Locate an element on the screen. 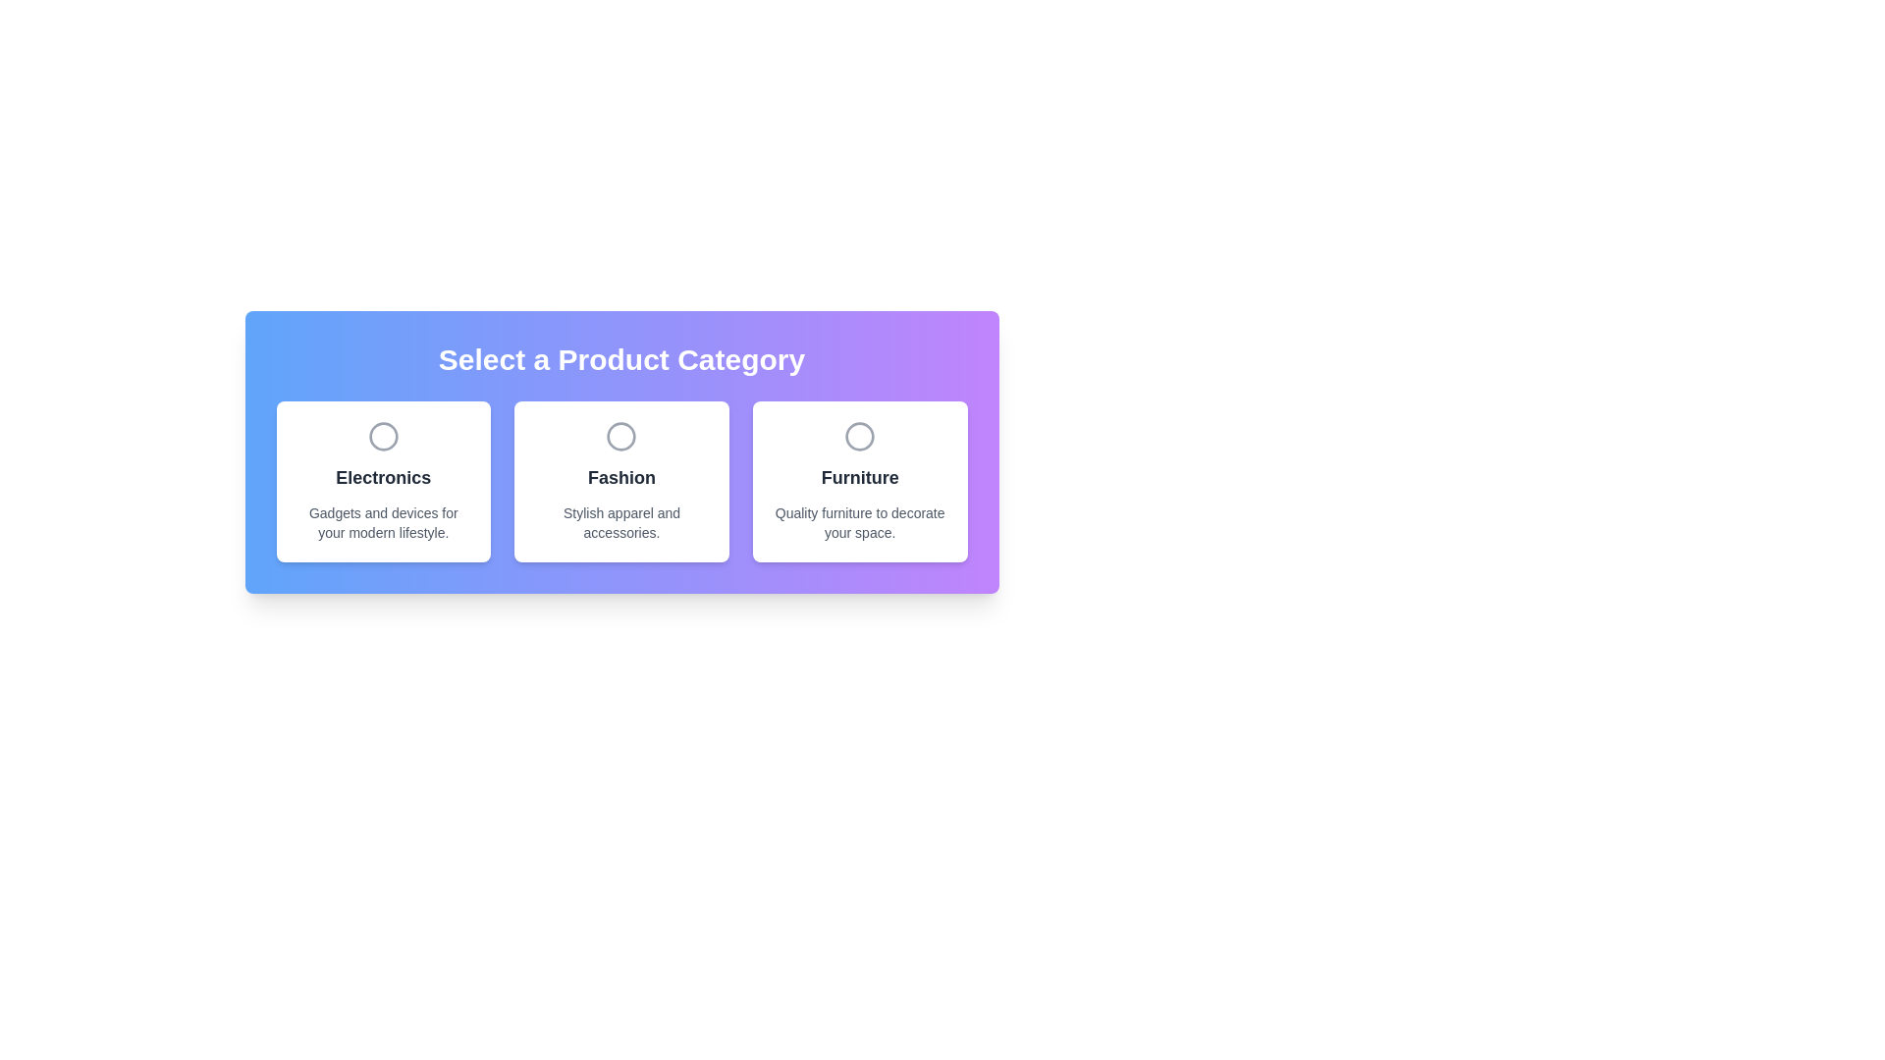  the text label that reads 'Gadgets and devices for your modern lifestyle.' styled in a small, gray font, located in the 'Electronics' card, below the main title is located at coordinates (383, 521).